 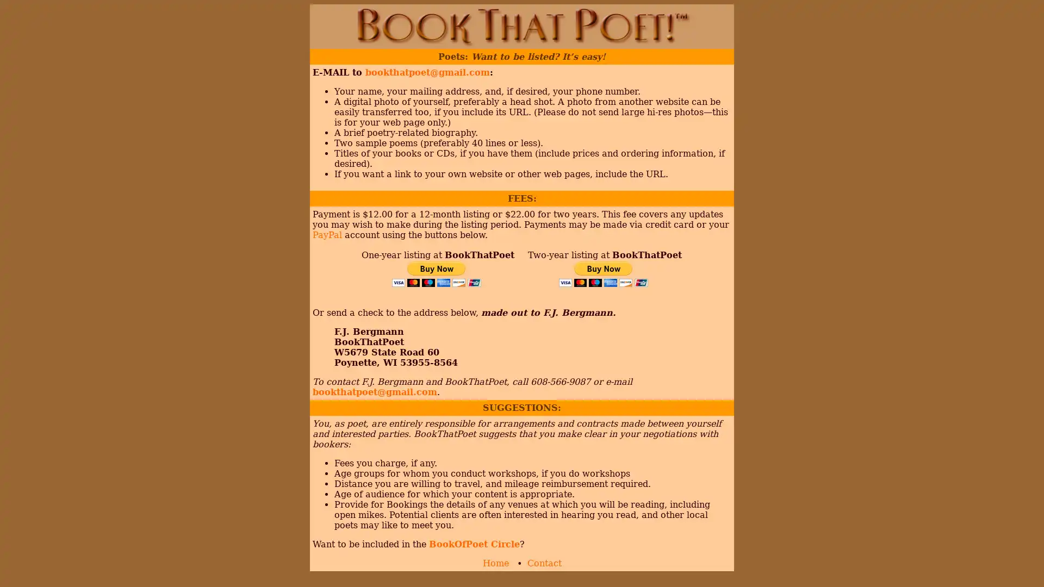 I want to click on PayPal - The safer, easier way to pay online!, so click(x=602, y=273).